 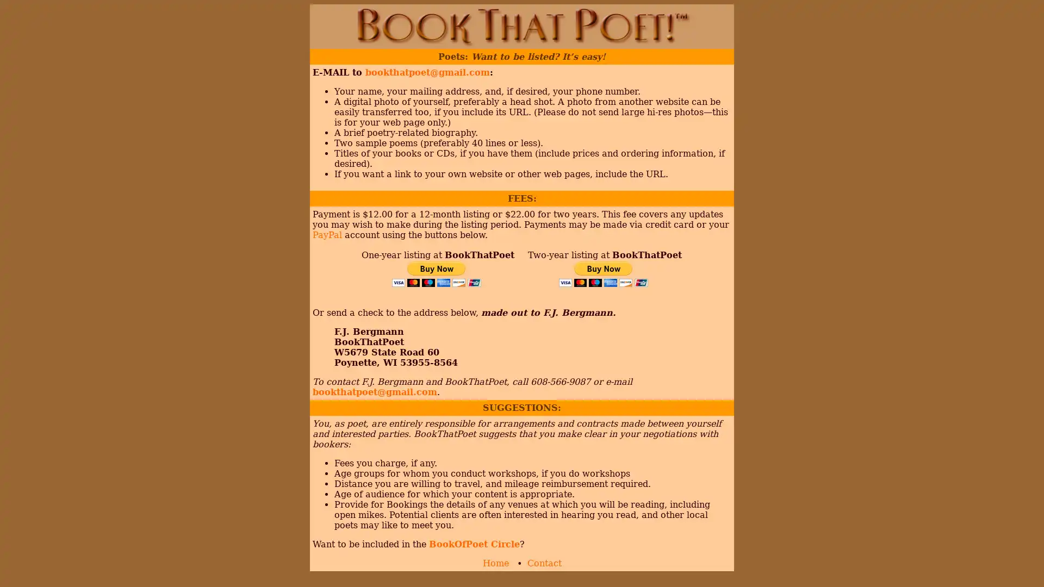 I want to click on PayPal - The safer, easier way to pay online!, so click(x=602, y=273).